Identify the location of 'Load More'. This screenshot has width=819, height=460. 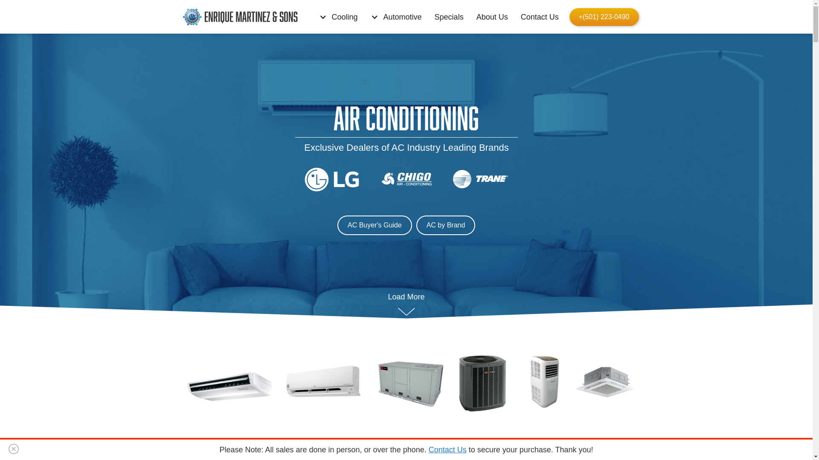
(406, 304).